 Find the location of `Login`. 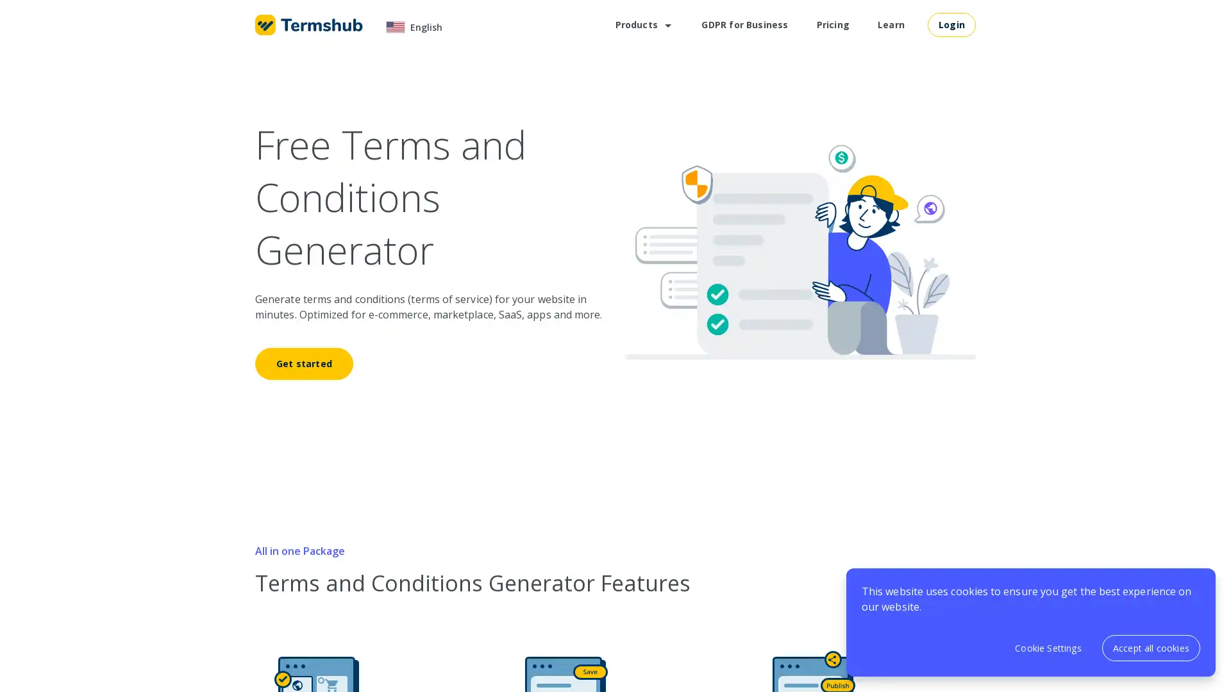

Login is located at coordinates (951, 24).